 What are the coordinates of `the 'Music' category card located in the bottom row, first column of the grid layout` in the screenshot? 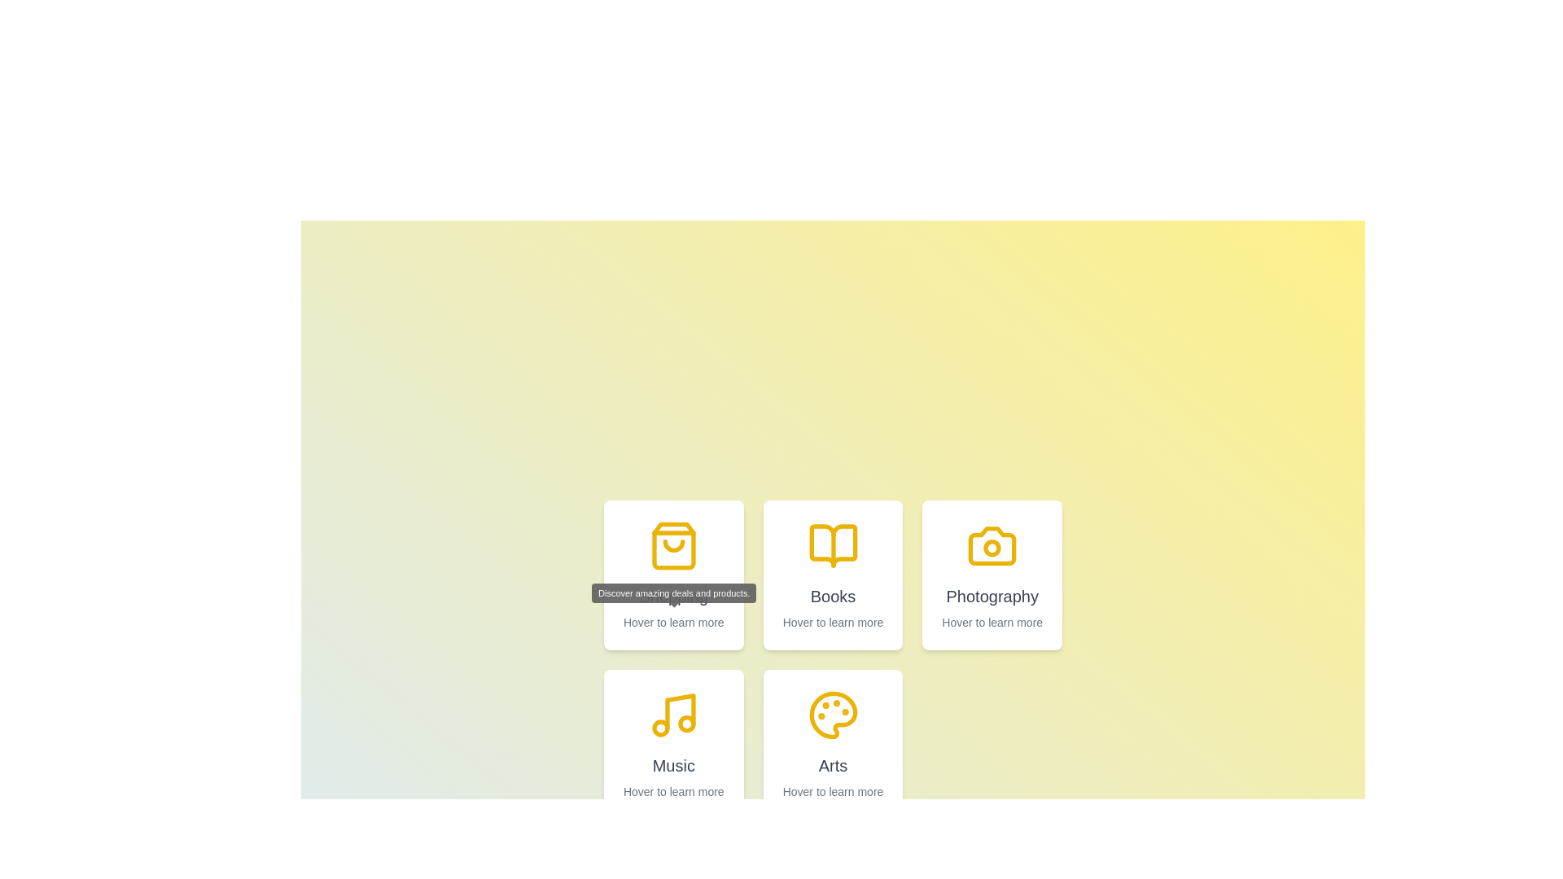 It's located at (673, 744).